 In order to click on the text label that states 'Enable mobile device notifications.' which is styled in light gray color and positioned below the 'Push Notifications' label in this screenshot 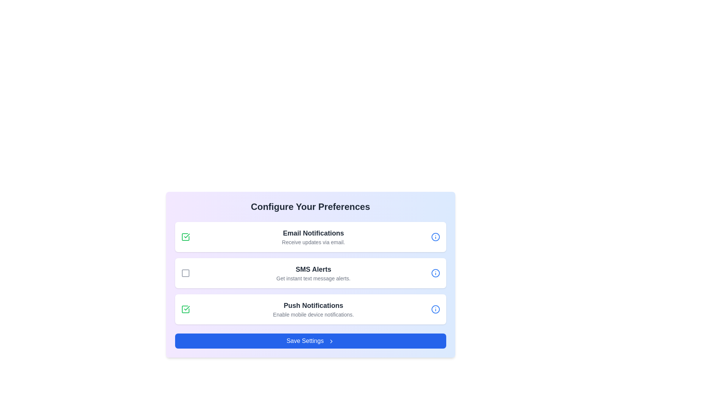, I will do `click(313, 314)`.